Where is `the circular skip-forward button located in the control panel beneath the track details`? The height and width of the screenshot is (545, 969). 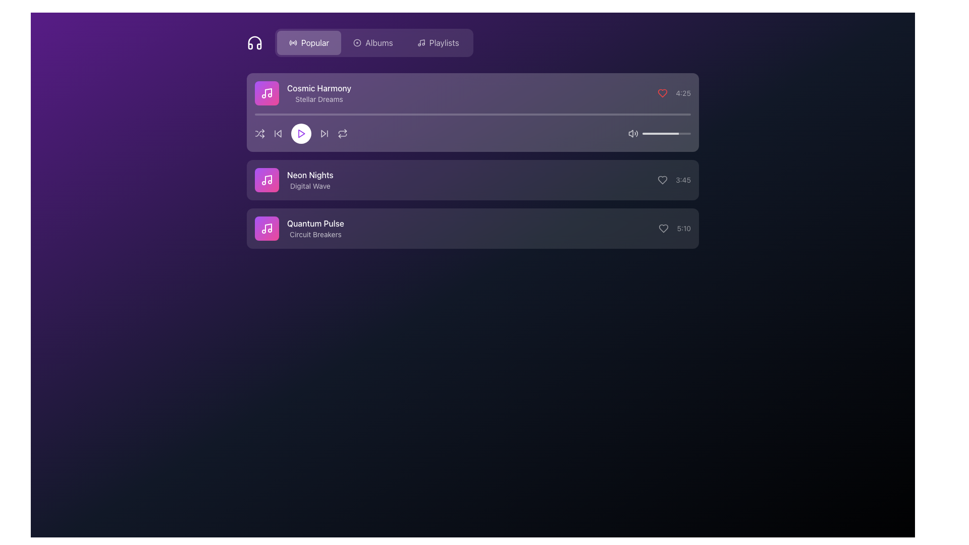 the circular skip-forward button located in the control panel beneath the track details is located at coordinates (325, 133).